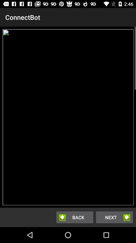  Describe the element at coordinates (68, 117) in the screenshot. I see `the item above the back icon` at that location.